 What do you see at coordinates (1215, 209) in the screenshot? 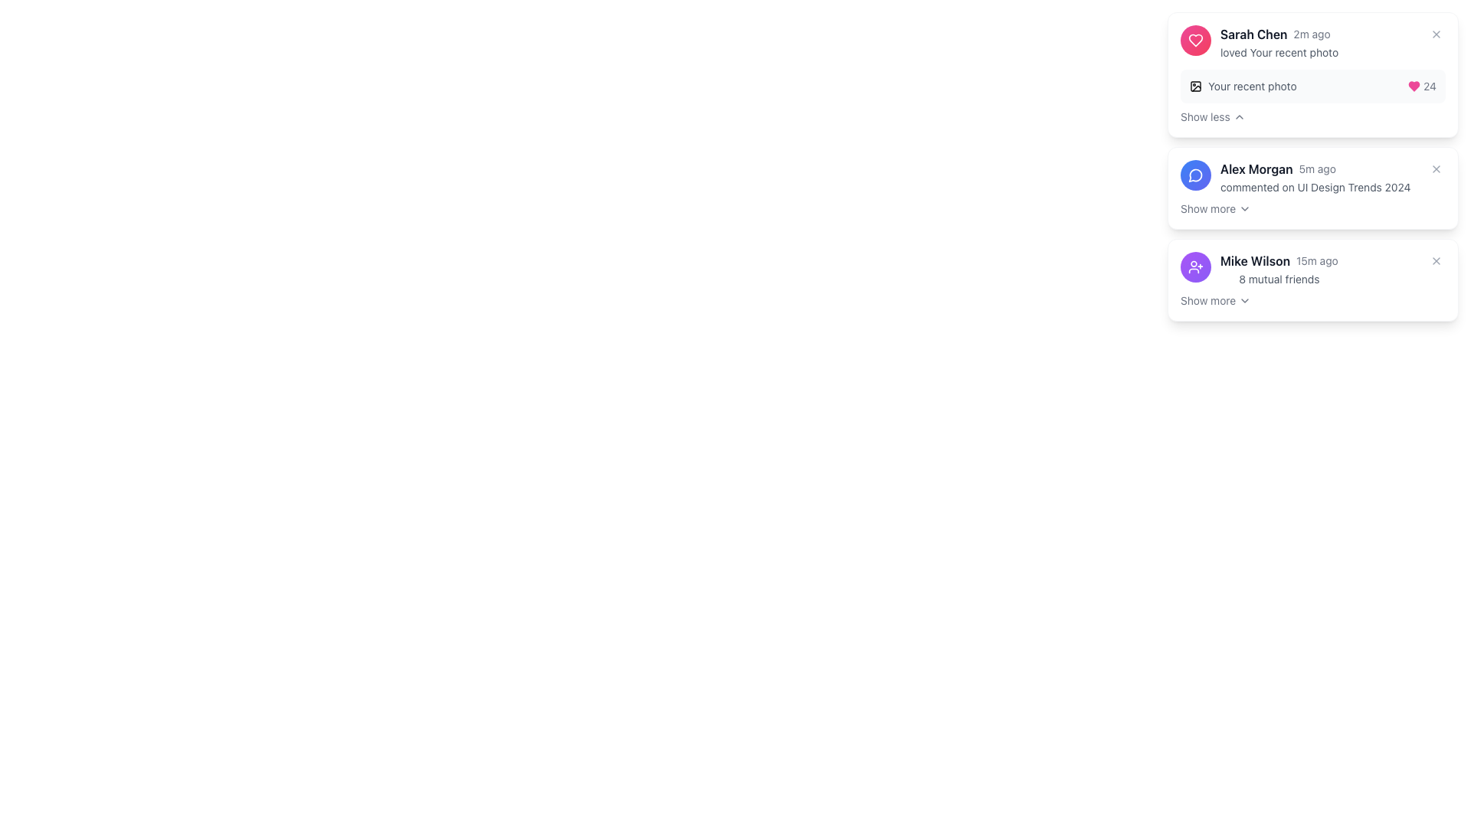
I see `the button with an icon at the bottom of the notification card for 'Alex Morgan'` at bounding box center [1215, 209].